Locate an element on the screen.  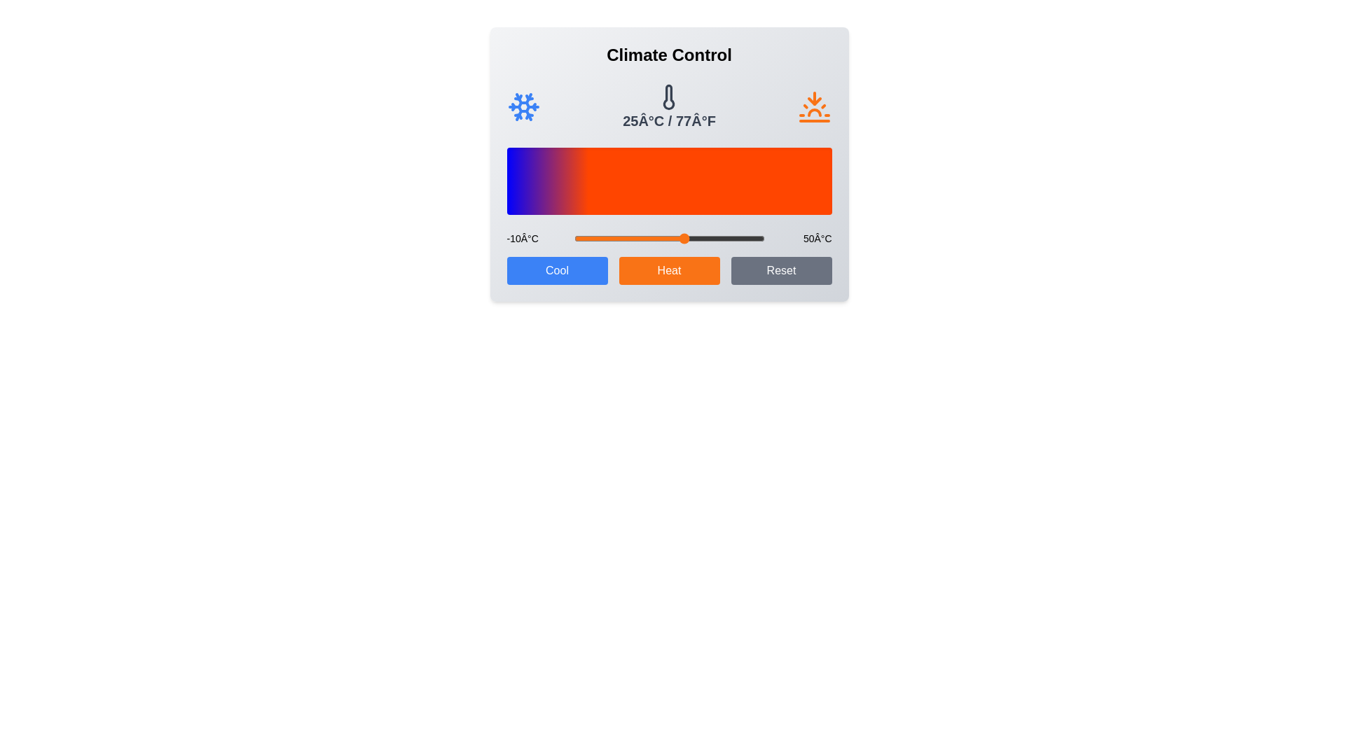
the cold icon to trigger its visual feedback is located at coordinates (523, 106).